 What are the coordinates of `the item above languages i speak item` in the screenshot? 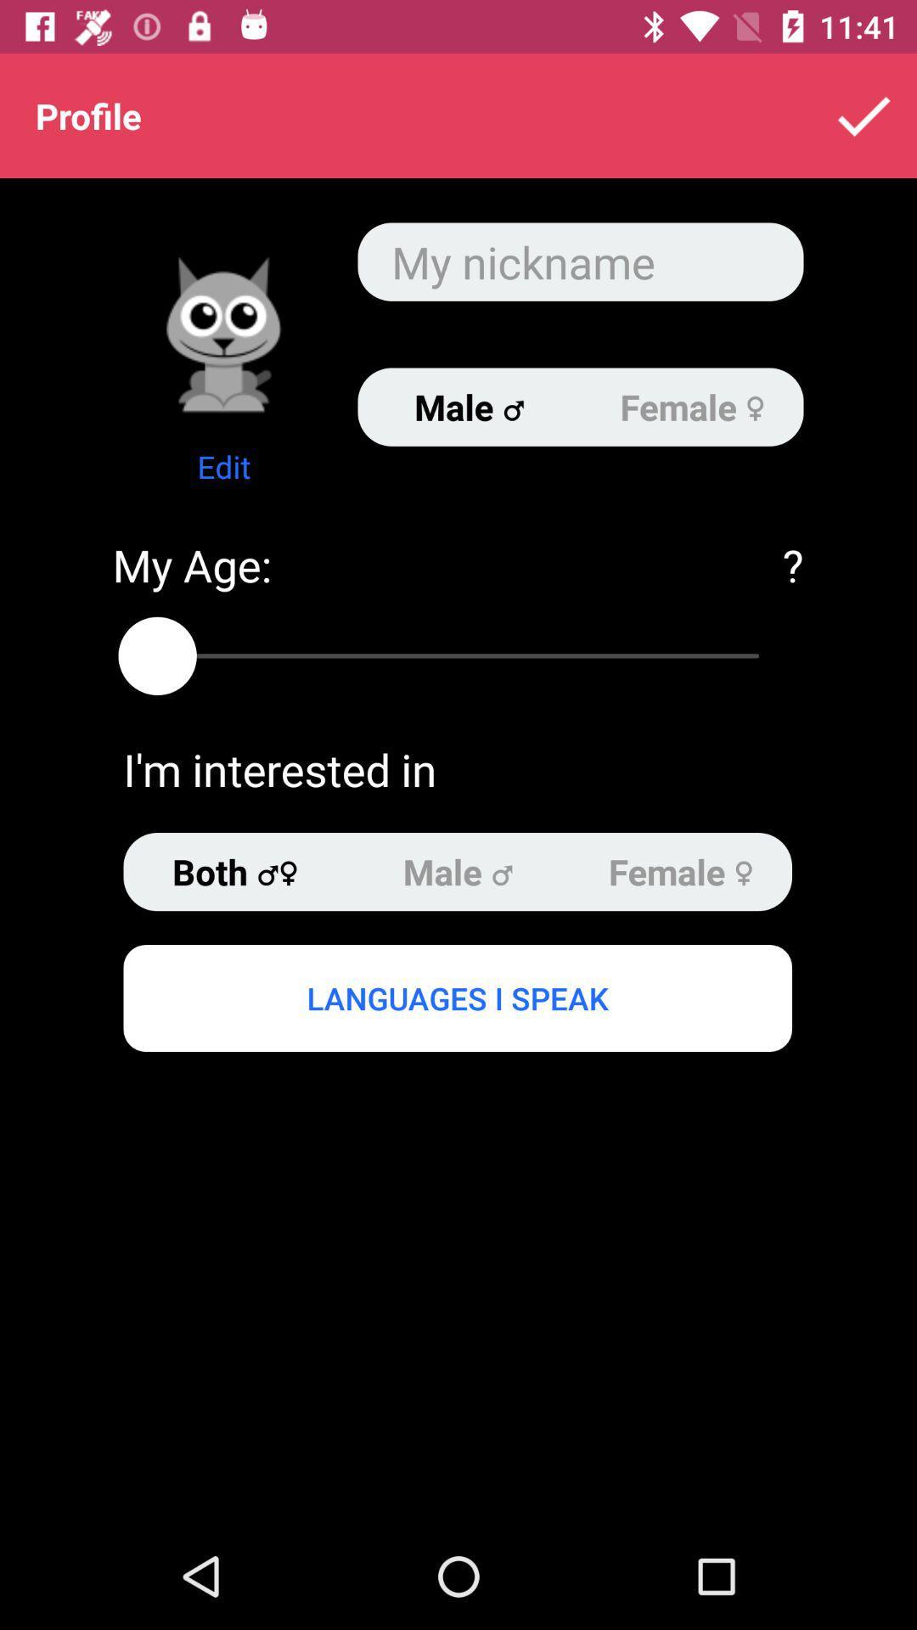 It's located at (234, 872).